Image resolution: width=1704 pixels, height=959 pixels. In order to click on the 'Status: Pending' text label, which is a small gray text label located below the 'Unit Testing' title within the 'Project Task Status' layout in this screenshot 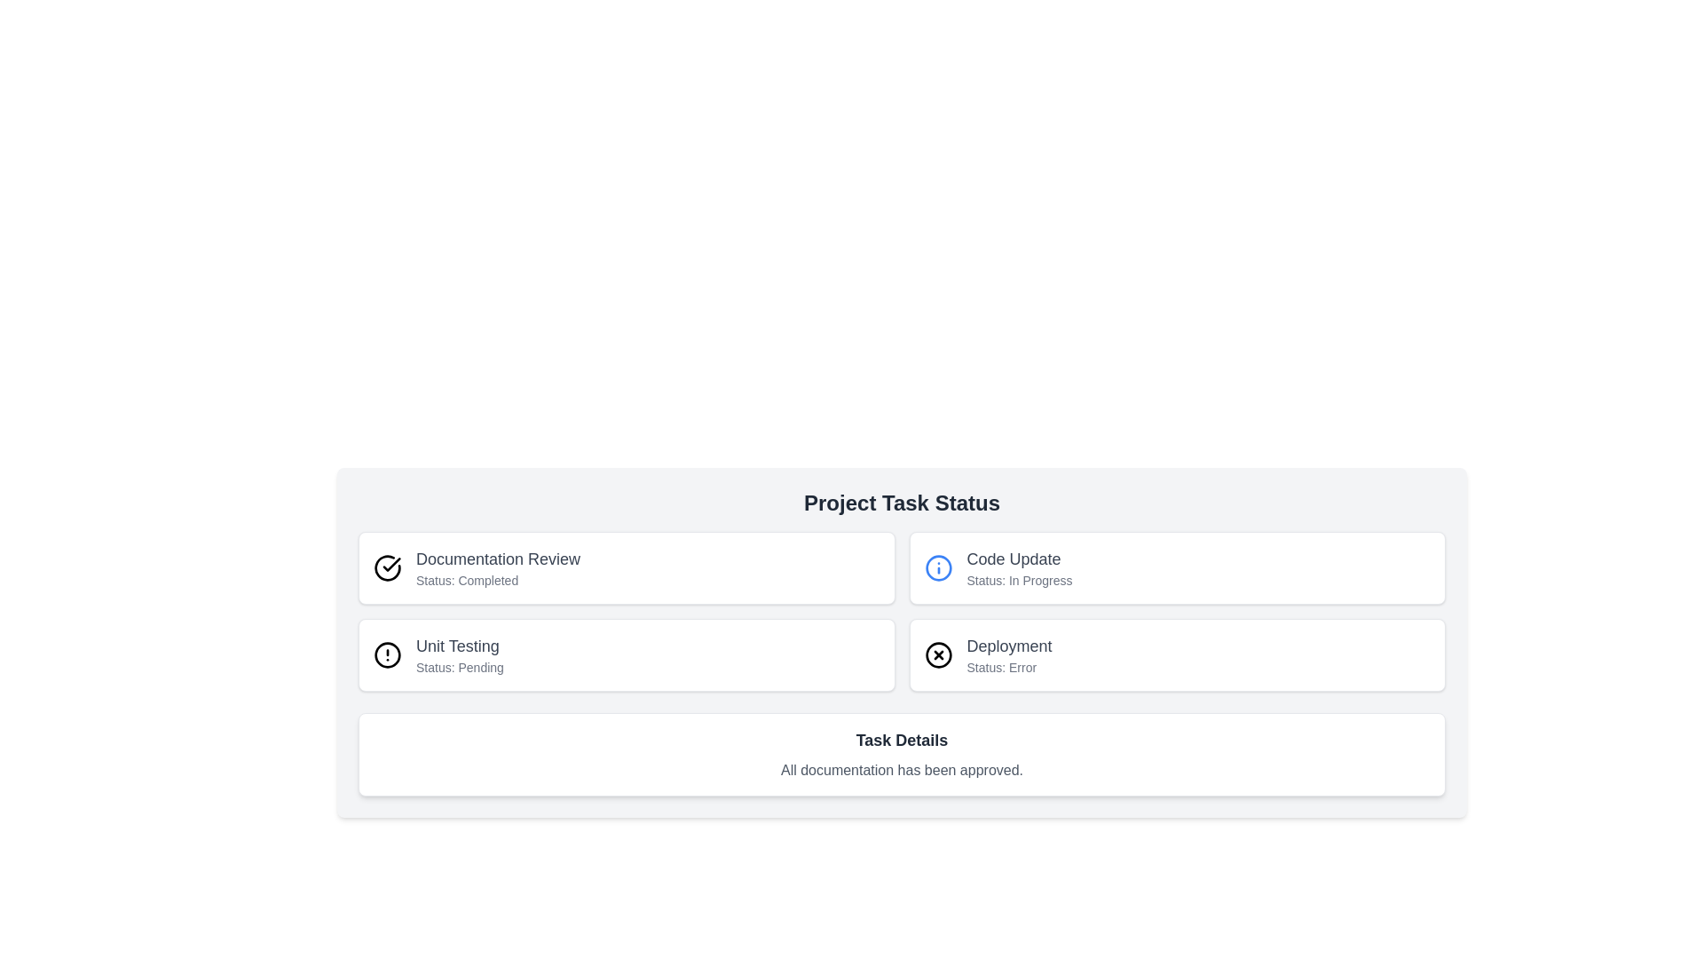, I will do `click(460, 668)`.